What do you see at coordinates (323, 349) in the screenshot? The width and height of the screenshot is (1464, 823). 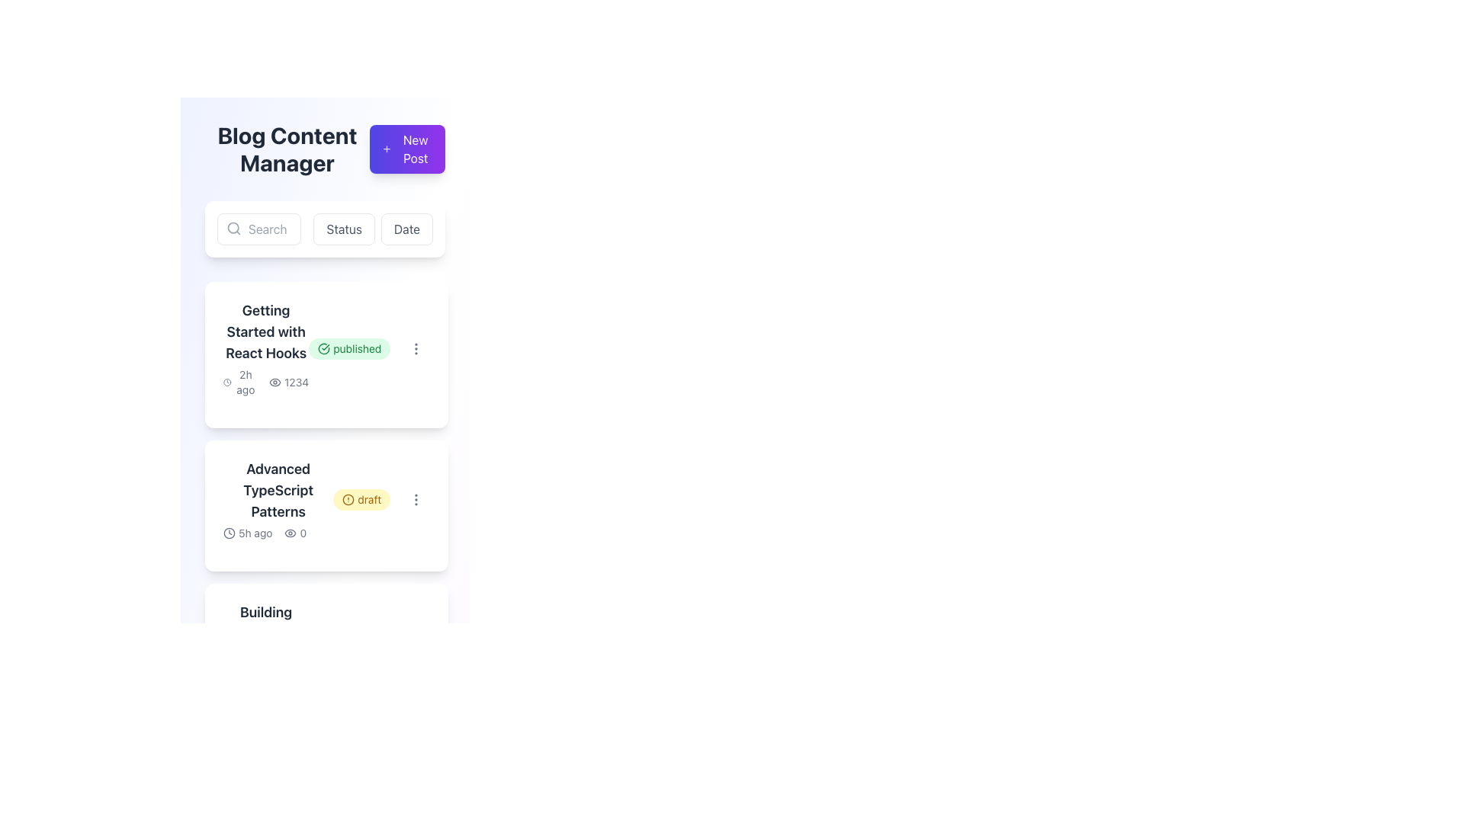 I see `the small circular green icon with a checkmark that indicates a successful or confirmed status, located to the left of the word 'published' in the top-right section of the card describing 'Getting Started with React Hooks'` at bounding box center [323, 349].